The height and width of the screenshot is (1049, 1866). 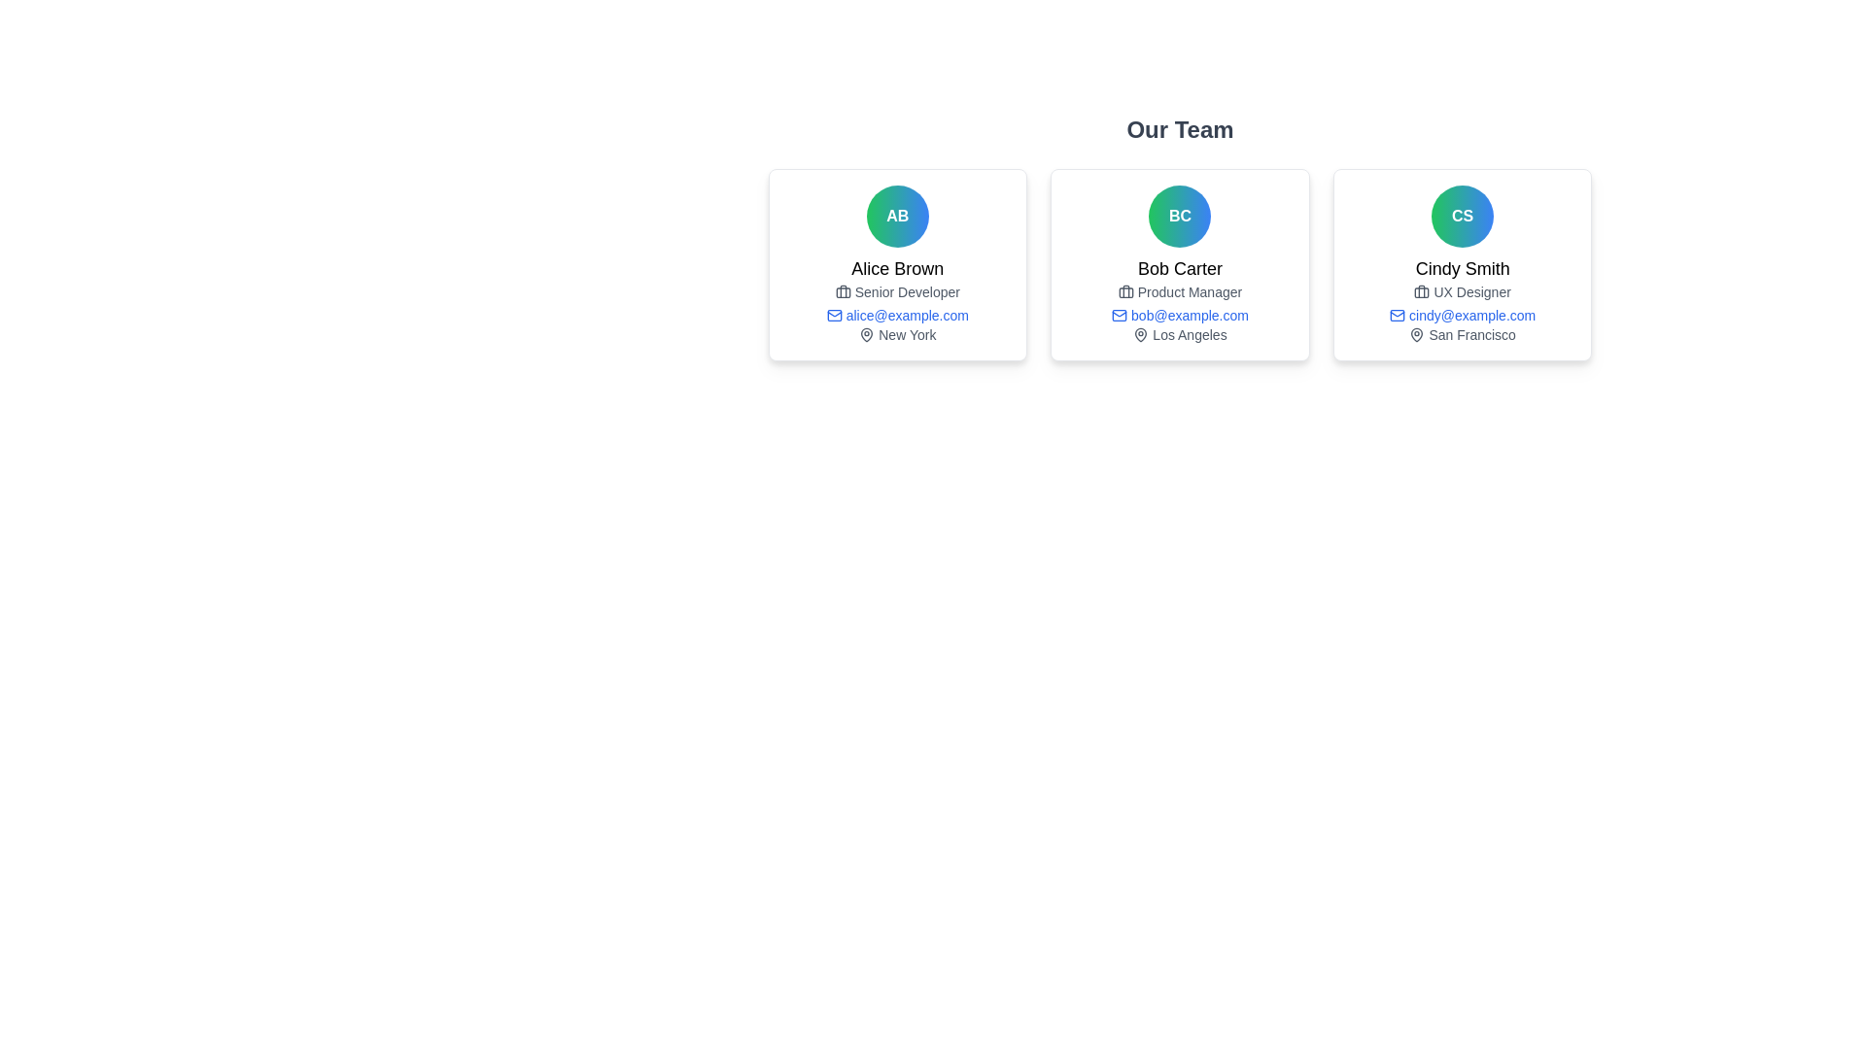 I want to click on the text 'New York' or the accompanying map pin icon at the bottom of the user card for Alice Brown, so click(x=896, y=333).